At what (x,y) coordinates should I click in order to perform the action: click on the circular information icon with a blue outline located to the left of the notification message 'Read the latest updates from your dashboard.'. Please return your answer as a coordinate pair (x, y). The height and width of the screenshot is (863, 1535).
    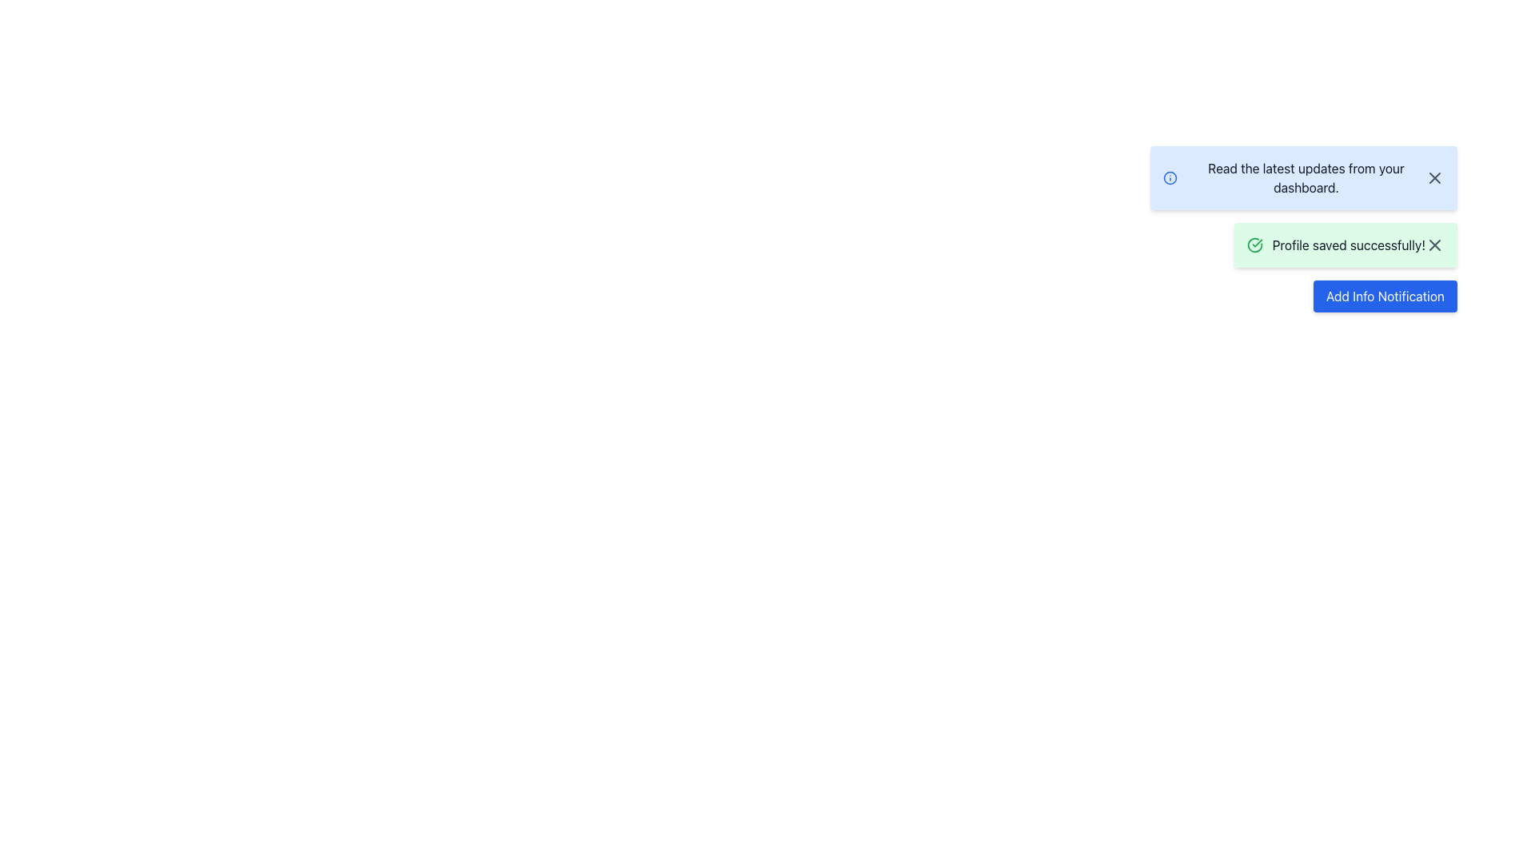
    Looking at the image, I should click on (1170, 178).